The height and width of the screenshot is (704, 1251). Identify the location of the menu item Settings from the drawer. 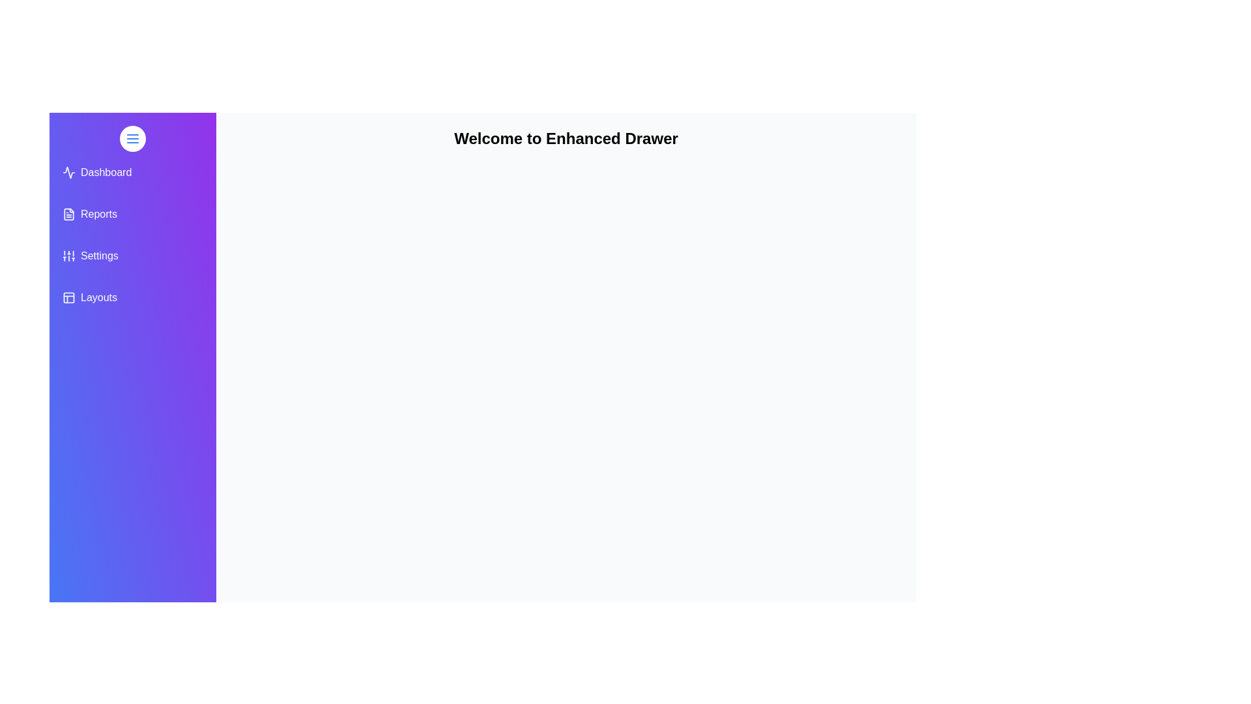
(132, 256).